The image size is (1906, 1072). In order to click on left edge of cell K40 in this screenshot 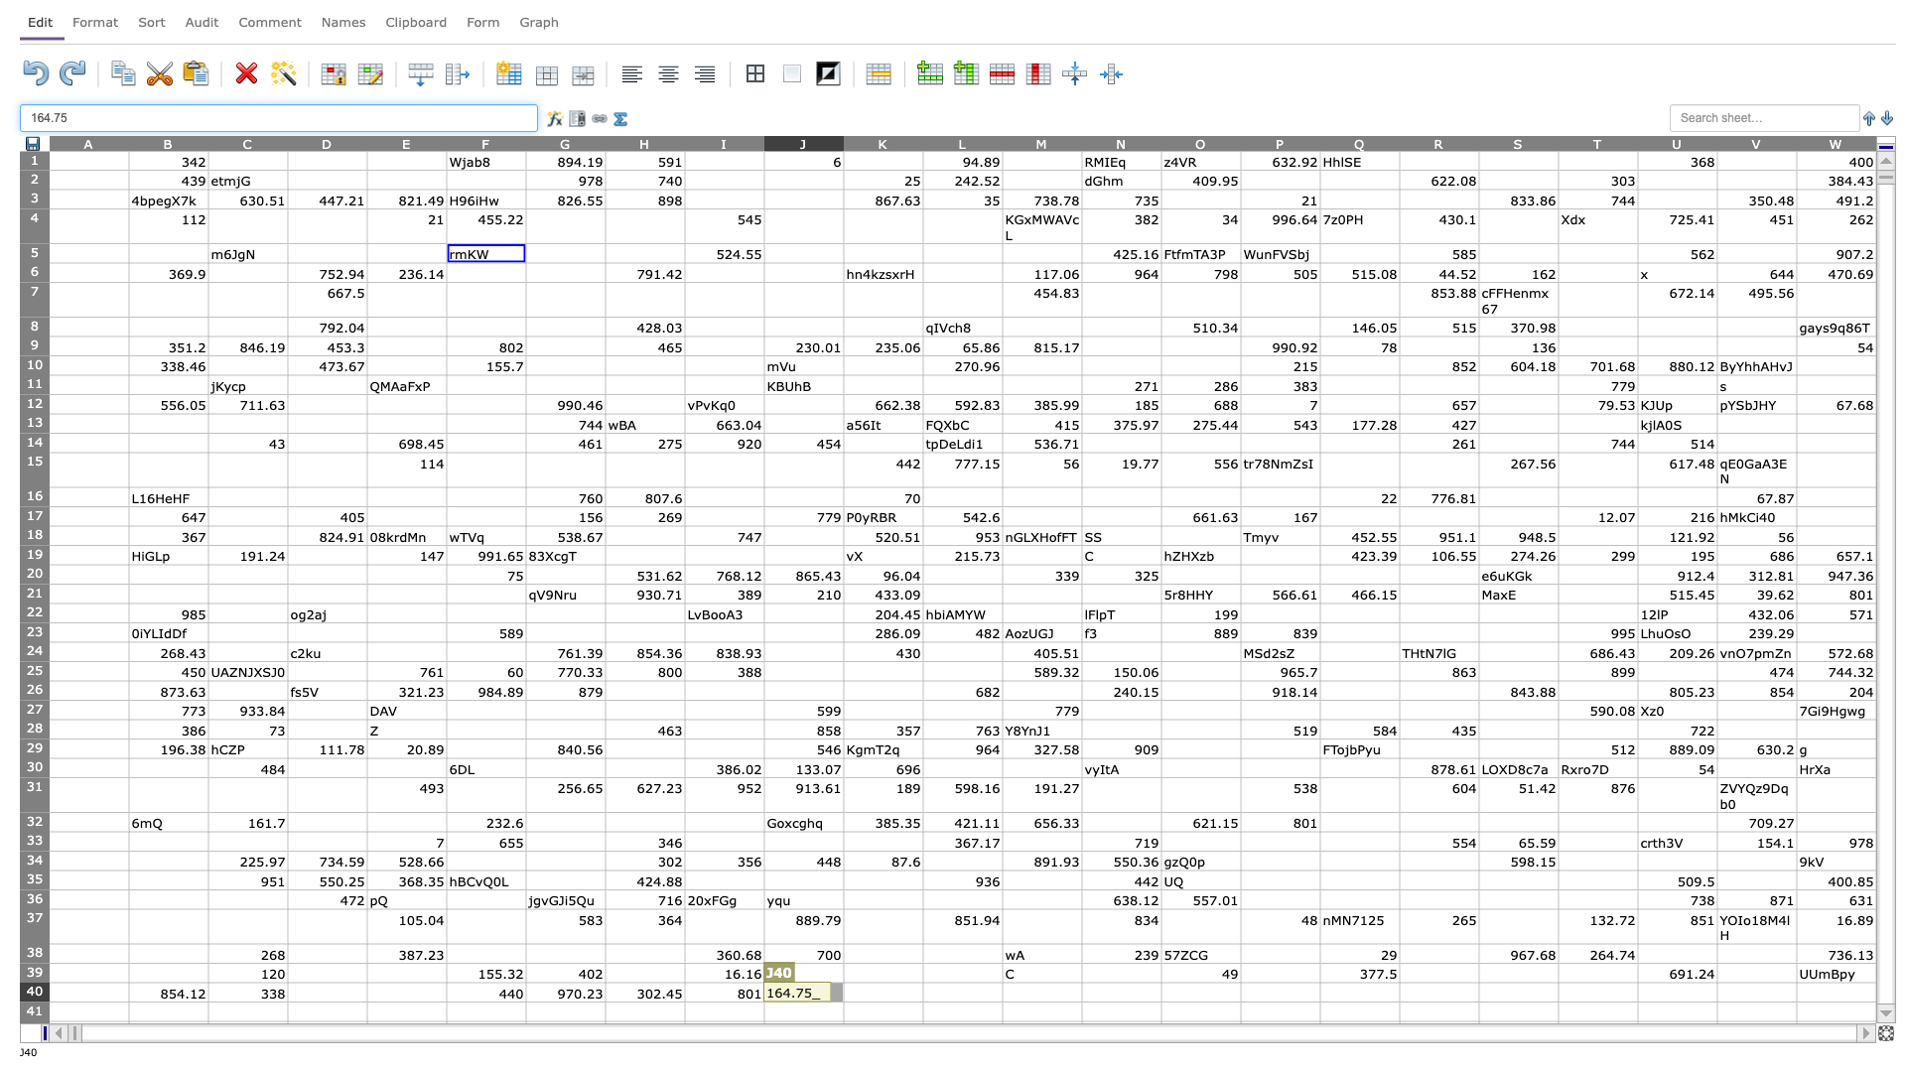, I will do `click(843, 992)`.